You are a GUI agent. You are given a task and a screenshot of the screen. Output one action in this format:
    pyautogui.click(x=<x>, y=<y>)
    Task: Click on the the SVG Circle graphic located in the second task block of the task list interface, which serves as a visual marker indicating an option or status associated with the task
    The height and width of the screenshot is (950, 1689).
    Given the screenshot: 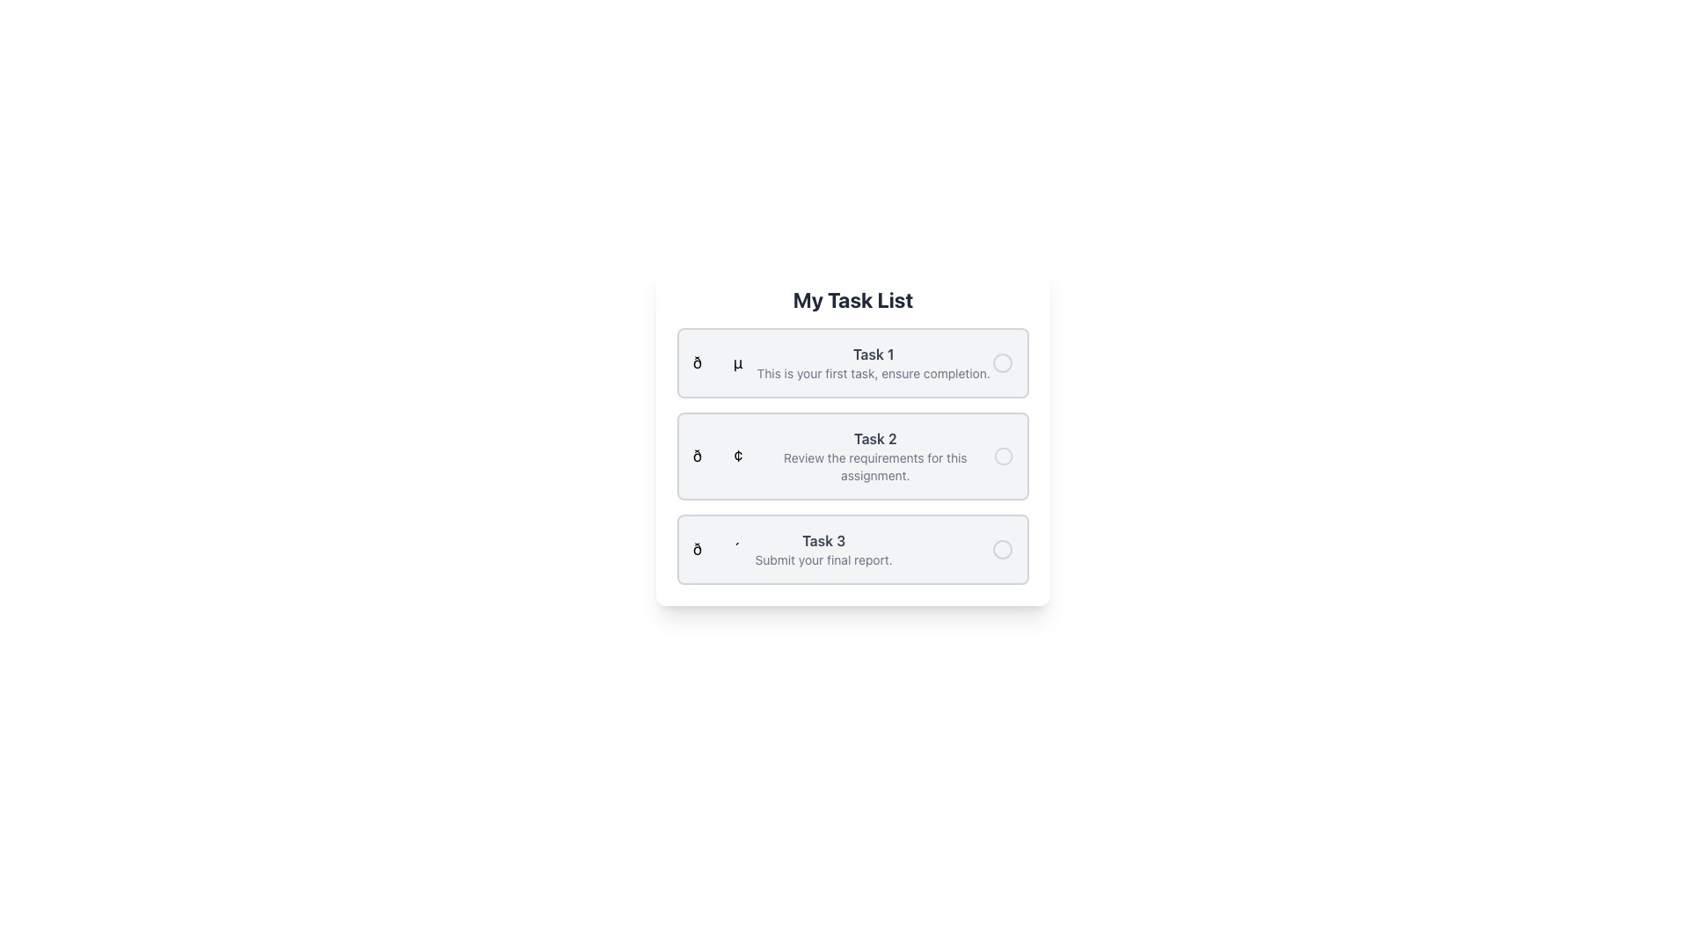 What is the action you would take?
    pyautogui.click(x=1003, y=456)
    